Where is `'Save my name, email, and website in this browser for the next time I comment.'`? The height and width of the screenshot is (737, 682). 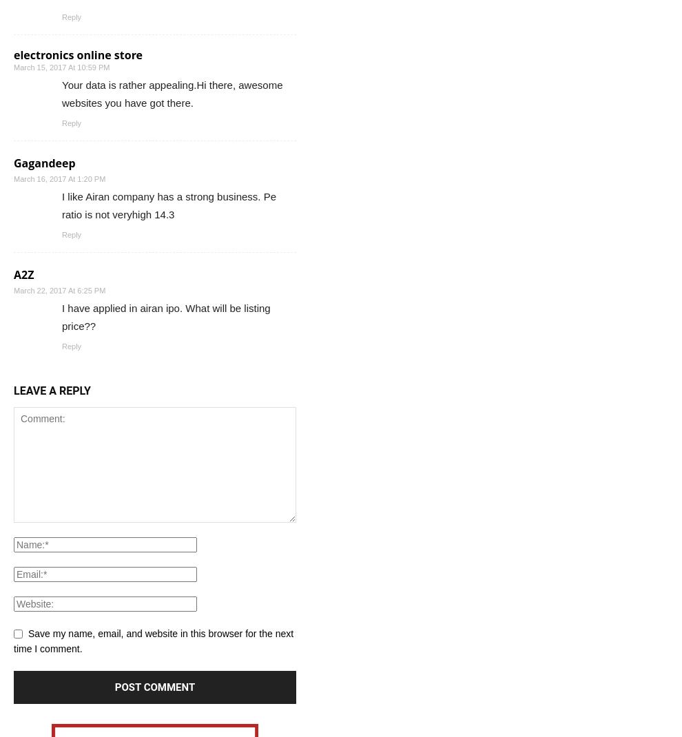
'Save my name, email, and website in this browser for the next time I comment.' is located at coordinates (153, 640).